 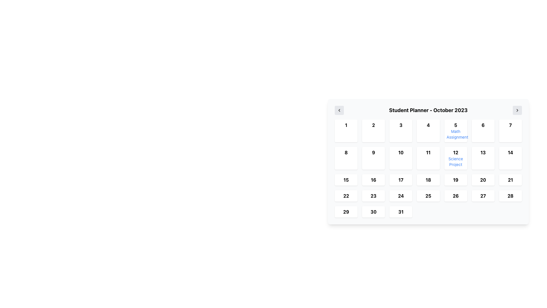 What do you see at coordinates (428, 131) in the screenshot?
I see `the tile displaying the number '4' to trigger the tooltip` at bounding box center [428, 131].